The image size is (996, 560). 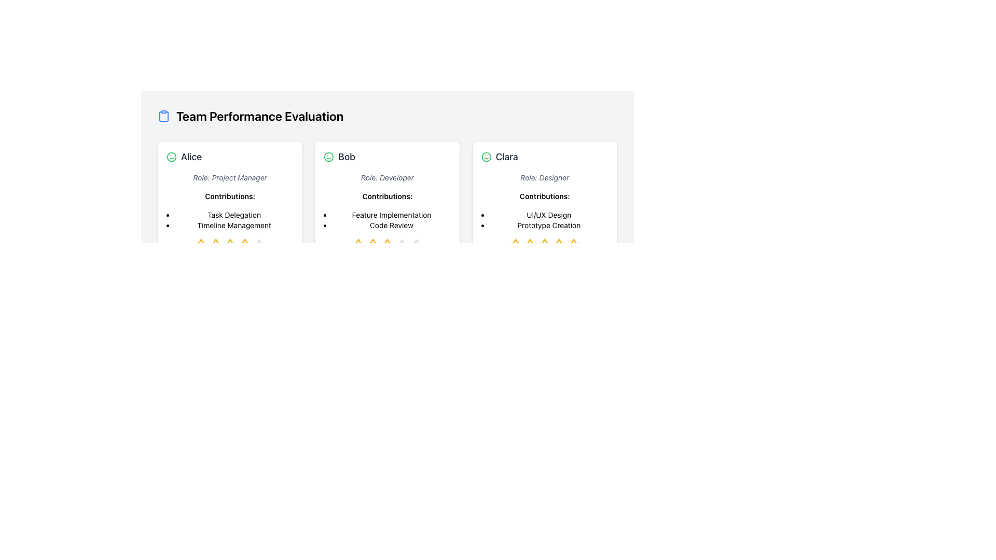 What do you see at coordinates (559, 245) in the screenshot?
I see `the sixth yellow star icon in the rating component under the 'Clara' section to rate it` at bounding box center [559, 245].